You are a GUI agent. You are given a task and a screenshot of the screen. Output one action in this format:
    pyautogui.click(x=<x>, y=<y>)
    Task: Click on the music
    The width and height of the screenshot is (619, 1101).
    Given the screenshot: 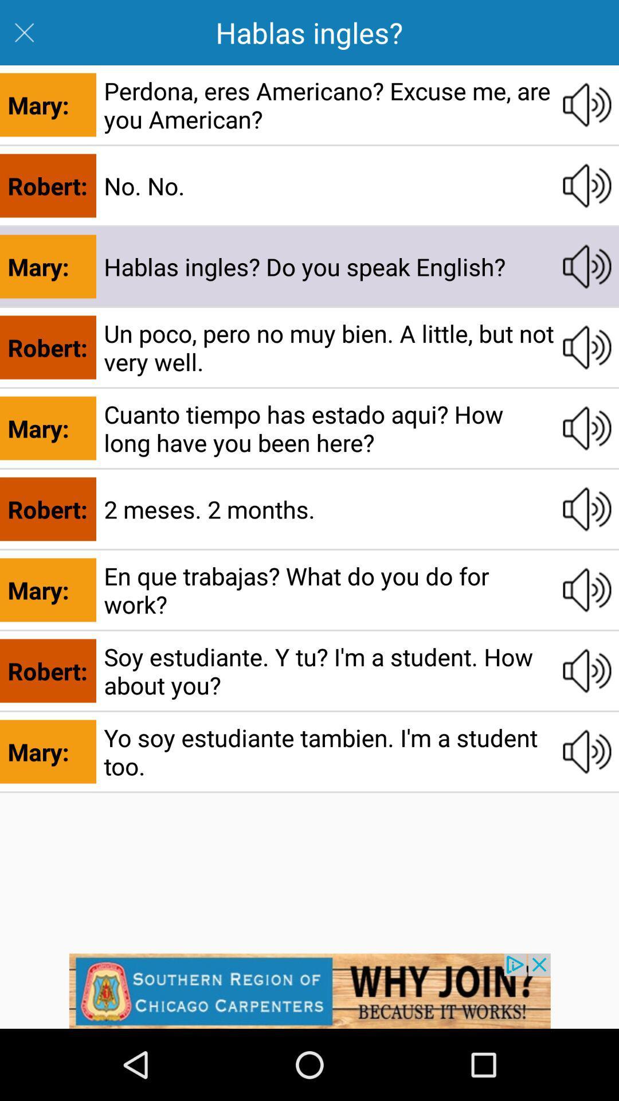 What is the action you would take?
    pyautogui.click(x=587, y=751)
    